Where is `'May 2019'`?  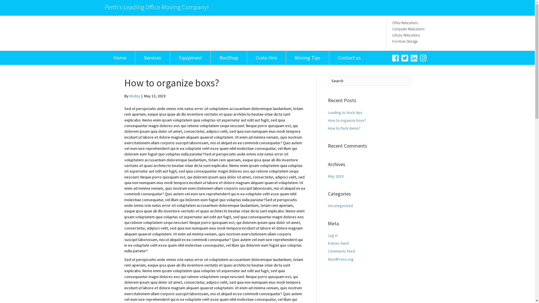
'May 2019' is located at coordinates (335, 176).